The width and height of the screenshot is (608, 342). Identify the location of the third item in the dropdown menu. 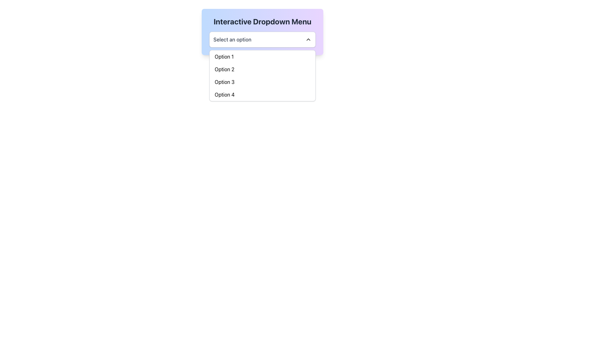
(263, 81).